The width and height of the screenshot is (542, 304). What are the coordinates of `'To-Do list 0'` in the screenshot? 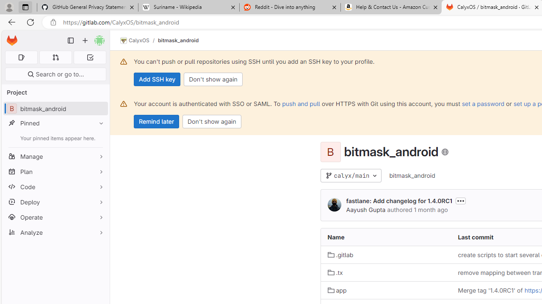 It's located at (90, 57).